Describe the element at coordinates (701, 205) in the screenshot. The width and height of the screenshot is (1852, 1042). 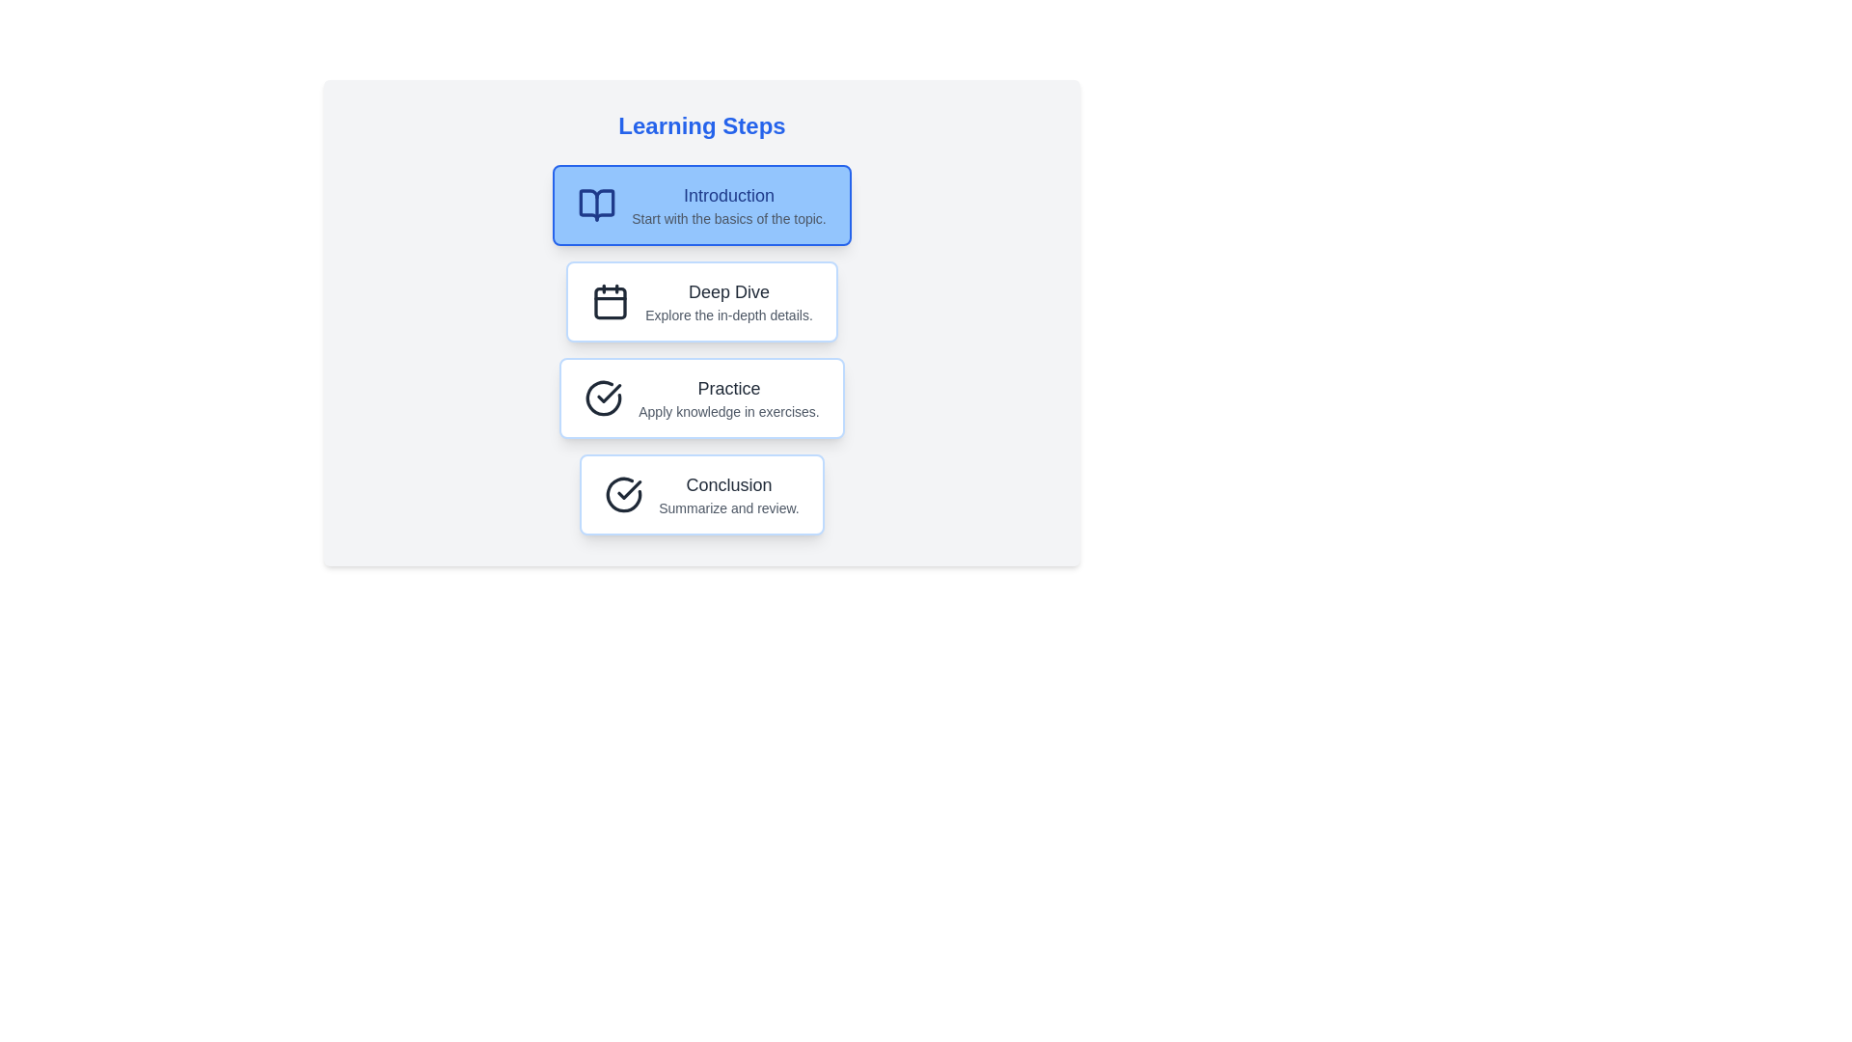
I see `the 'Introduction' card, which is the first selectable option in the vertical sequence of learning steps` at that location.